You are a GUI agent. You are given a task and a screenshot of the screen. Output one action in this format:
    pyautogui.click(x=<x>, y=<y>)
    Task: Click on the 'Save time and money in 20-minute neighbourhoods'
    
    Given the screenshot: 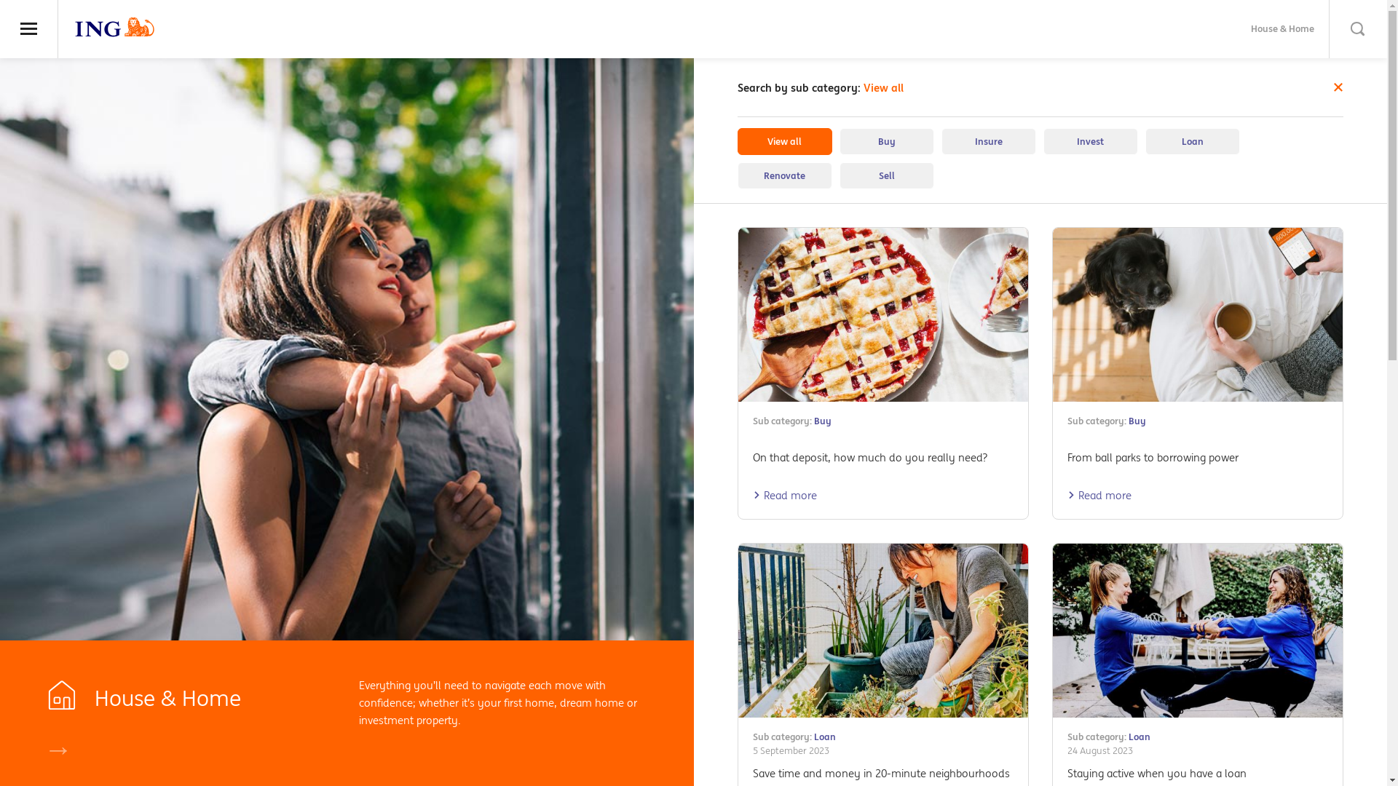 What is the action you would take?
    pyautogui.click(x=752, y=772)
    